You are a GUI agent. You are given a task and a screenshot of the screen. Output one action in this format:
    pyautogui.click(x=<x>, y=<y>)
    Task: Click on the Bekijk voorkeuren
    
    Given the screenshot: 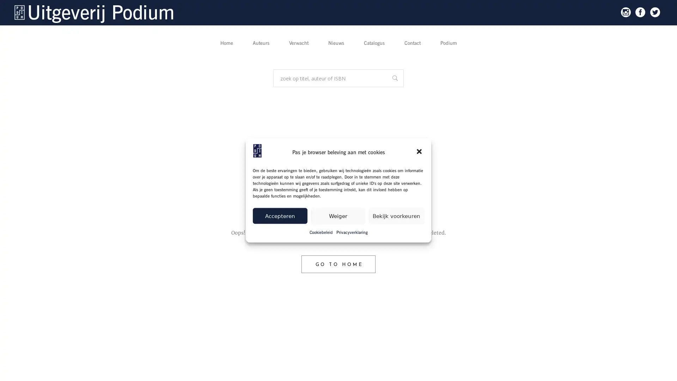 What is the action you would take?
    pyautogui.click(x=396, y=215)
    